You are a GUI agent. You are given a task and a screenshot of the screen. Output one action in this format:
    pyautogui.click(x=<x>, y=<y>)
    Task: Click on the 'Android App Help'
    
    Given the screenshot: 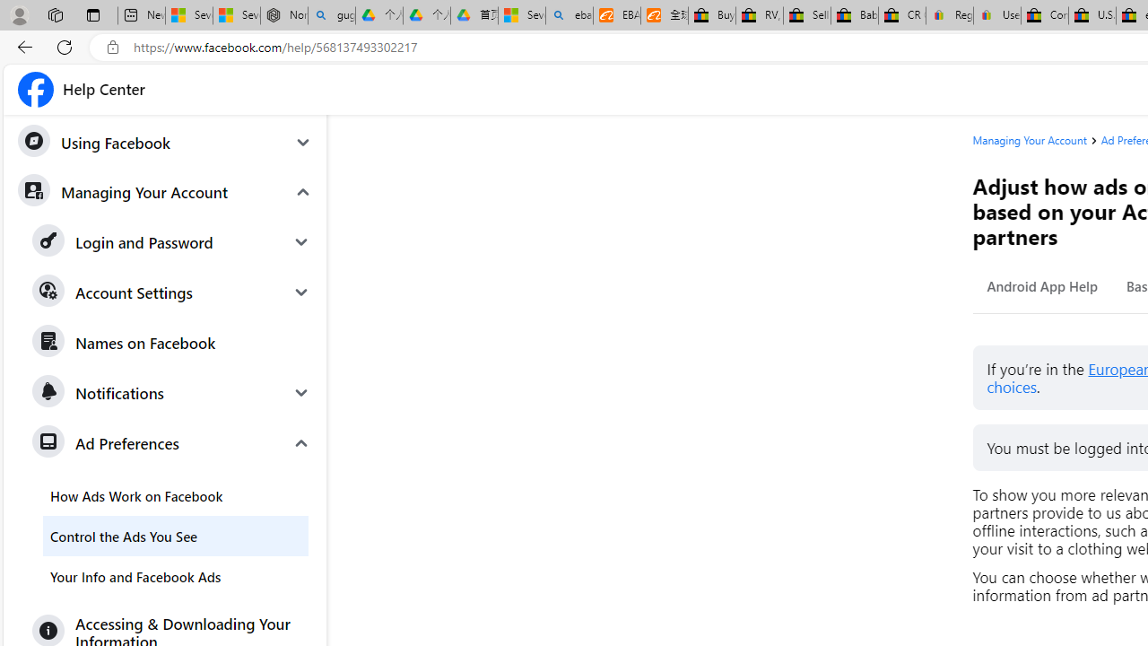 What is the action you would take?
    pyautogui.click(x=1042, y=285)
    